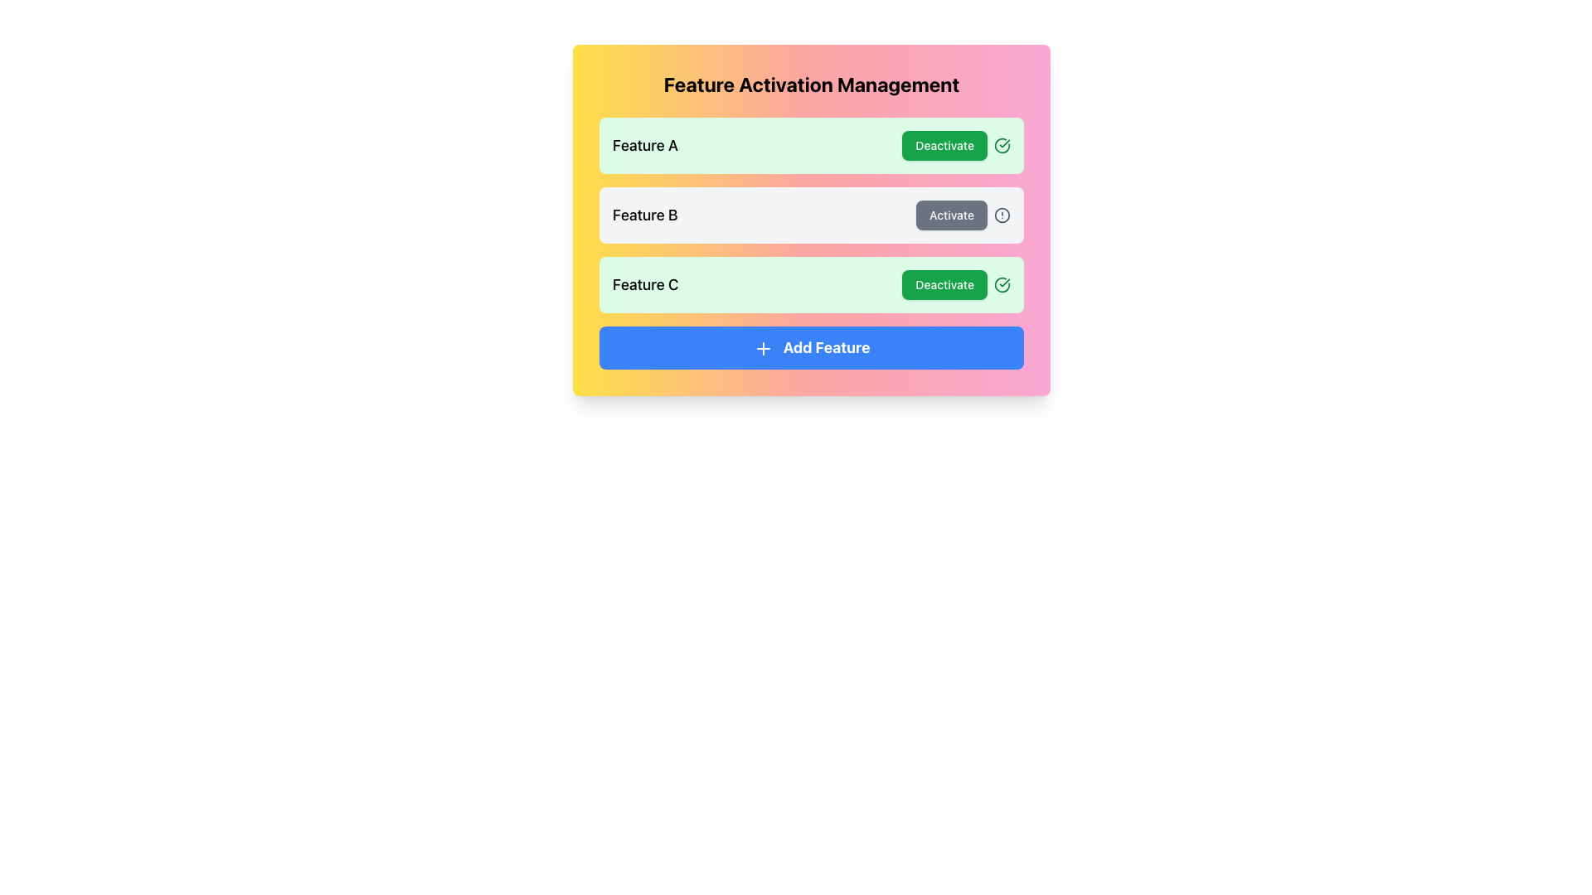 Image resolution: width=1592 pixels, height=895 pixels. I want to click on the green 'Deactivate' button with rounded corners, so click(944, 283).